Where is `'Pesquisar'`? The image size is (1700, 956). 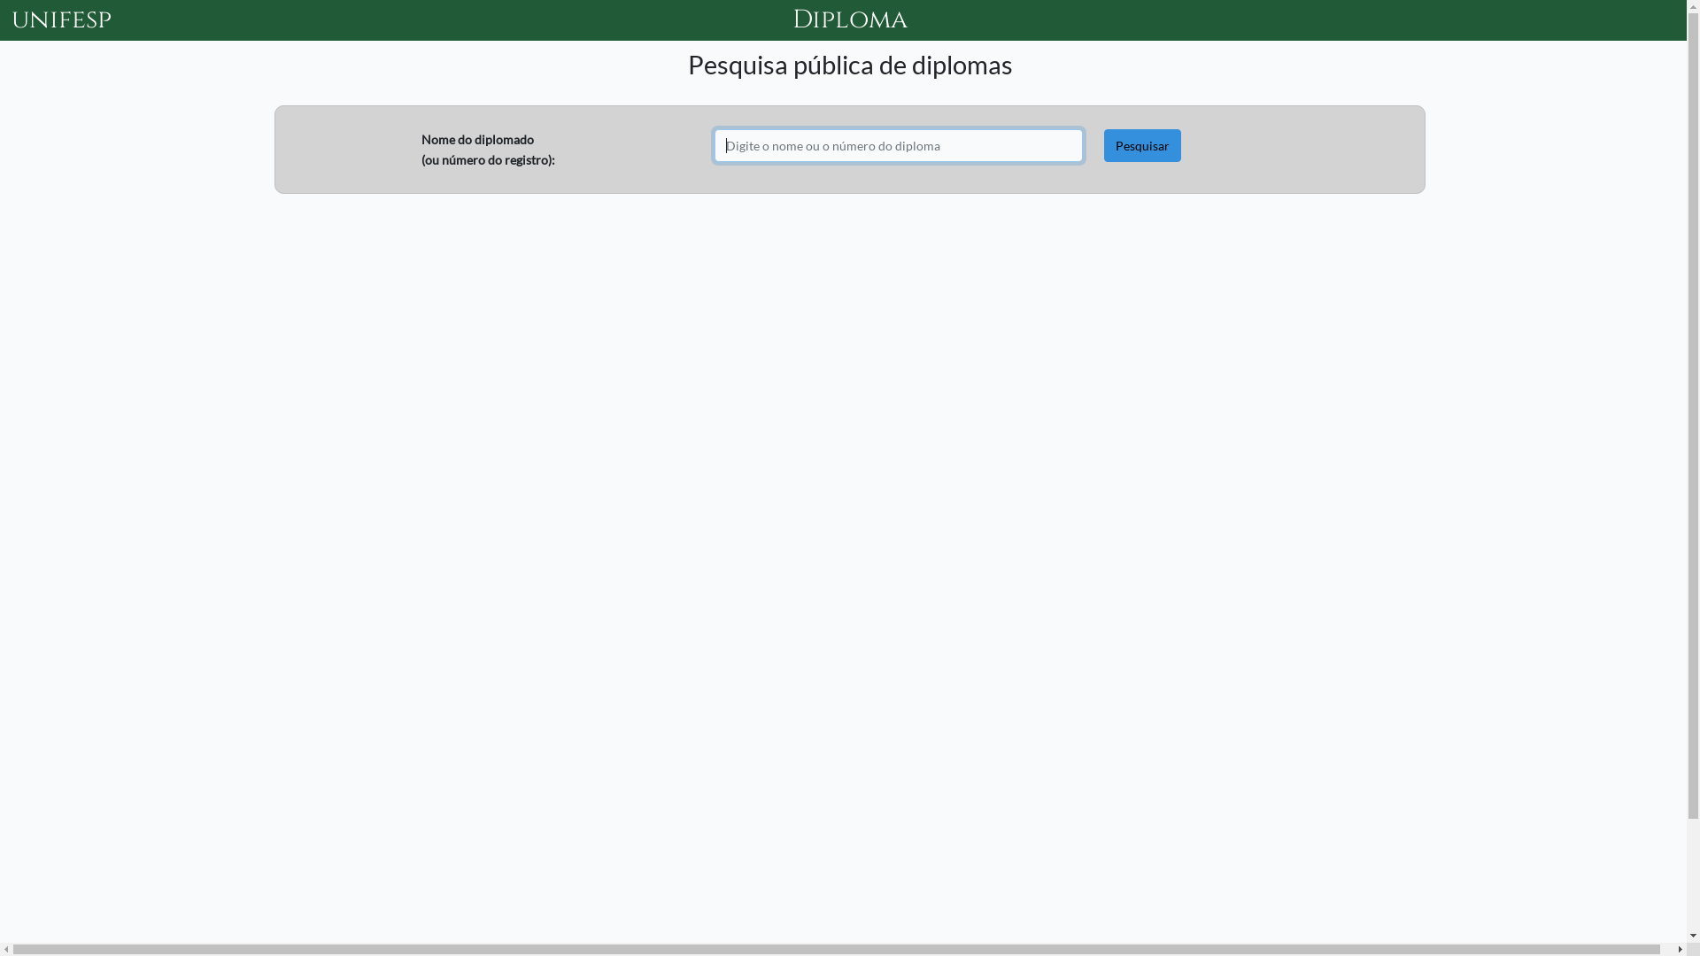 'Pesquisar' is located at coordinates (1103, 144).